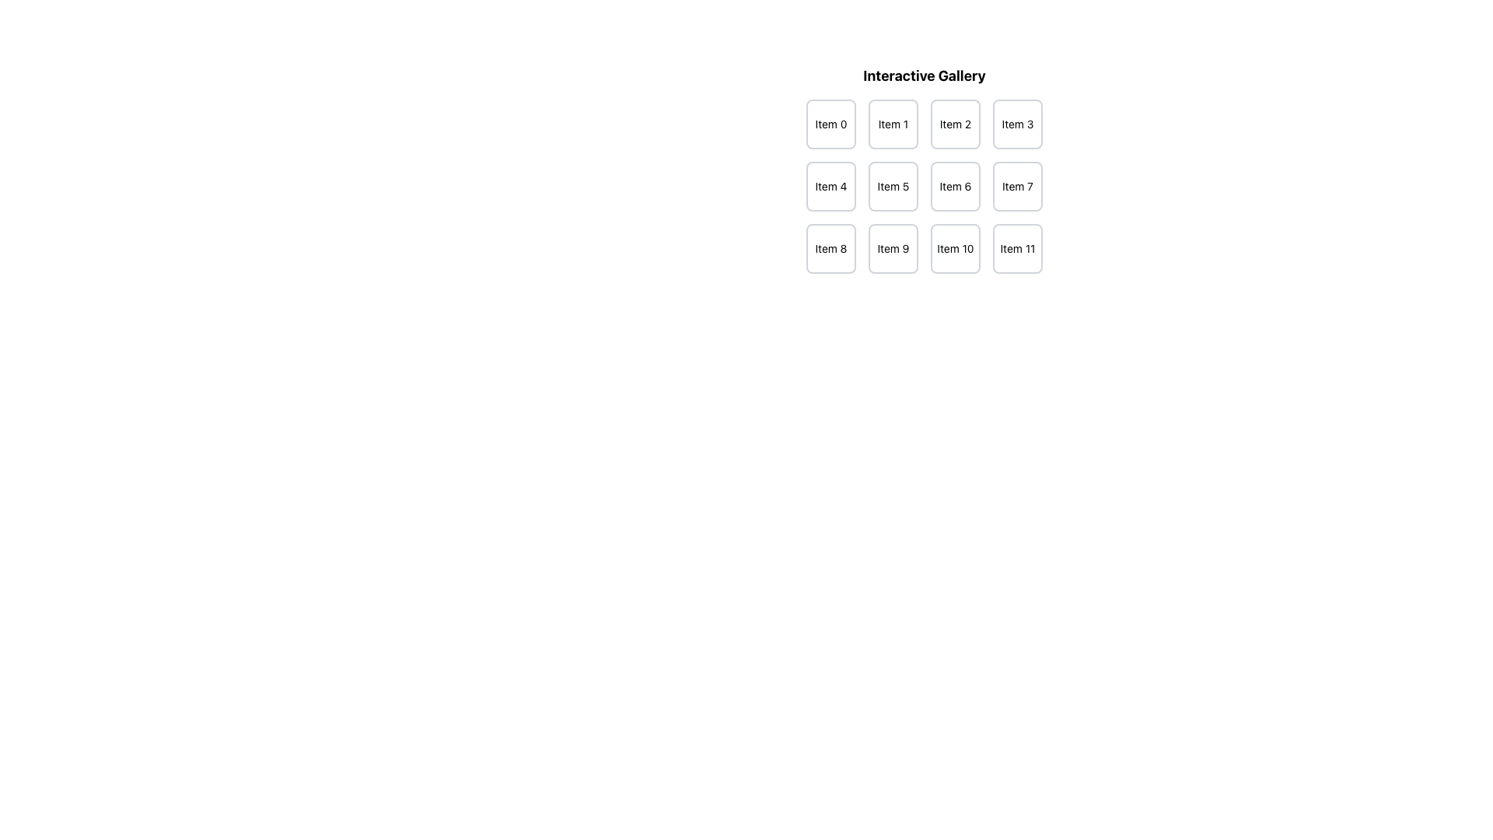 This screenshot has width=1493, height=840. Describe the element at coordinates (954, 123) in the screenshot. I see `the non-interactive text label that displays 'Item 2', located in the second cell of the top row in a 4x3 grid layout` at that location.